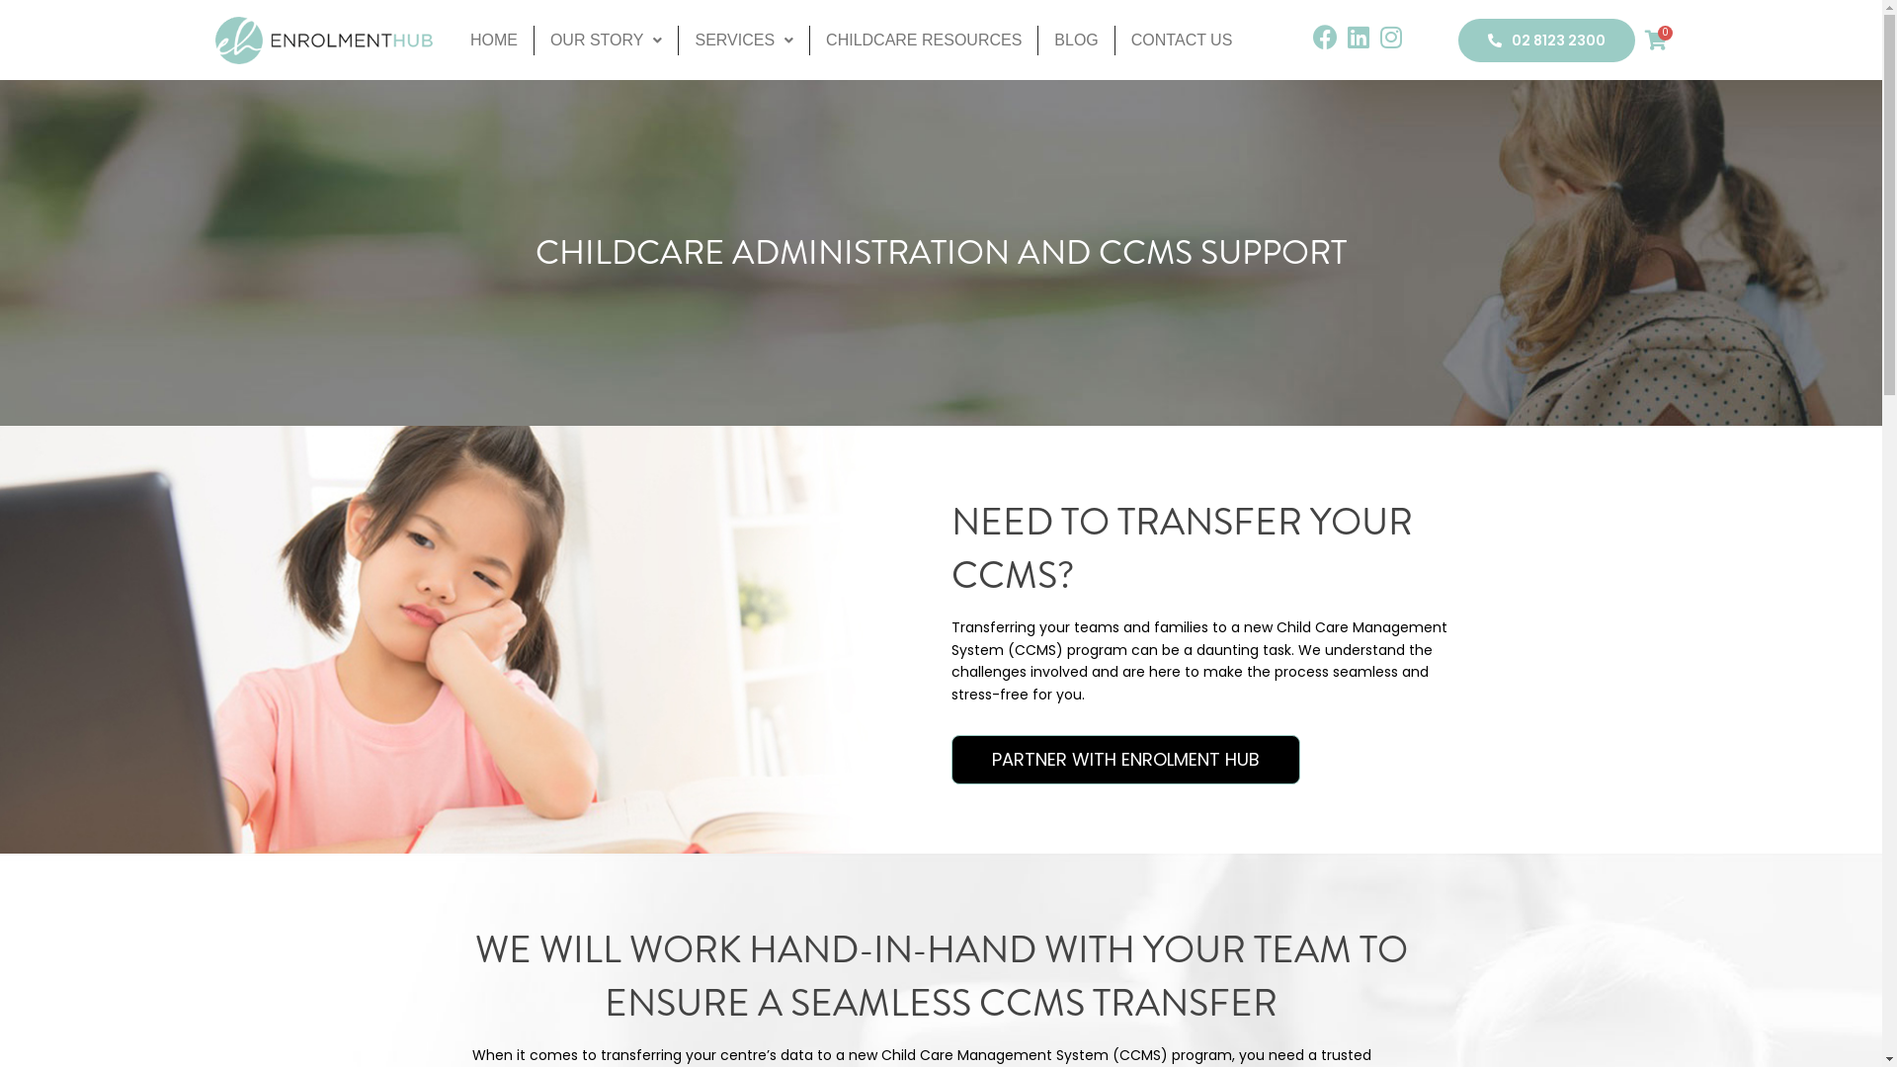 Image resolution: width=1897 pixels, height=1067 pixels. I want to click on 'SERVICES', so click(678, 41).